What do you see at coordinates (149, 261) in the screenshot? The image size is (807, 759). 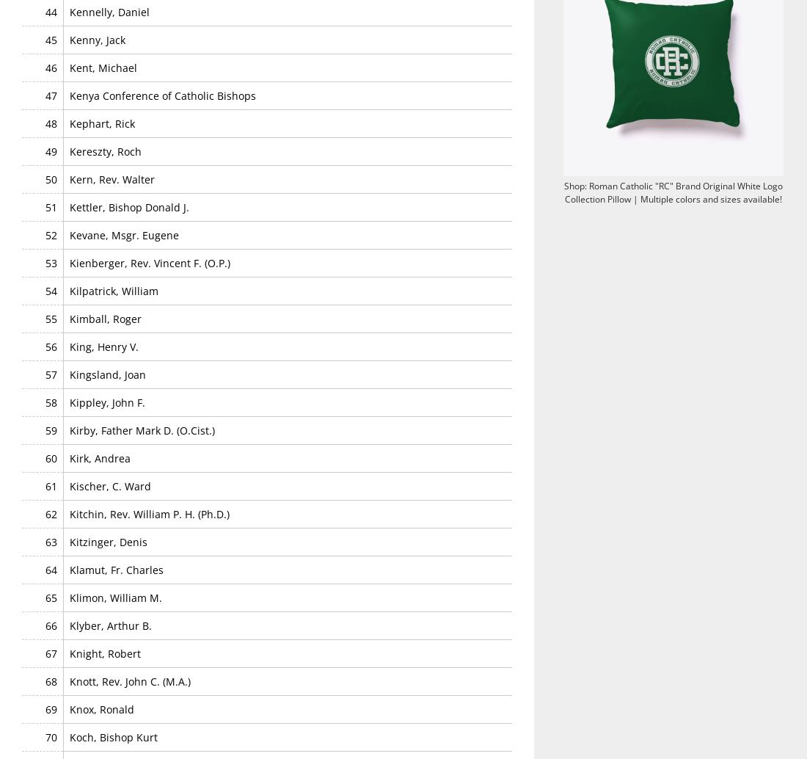 I see `'Kienberger, Rev. Vincent F. (O.P.)'` at bounding box center [149, 261].